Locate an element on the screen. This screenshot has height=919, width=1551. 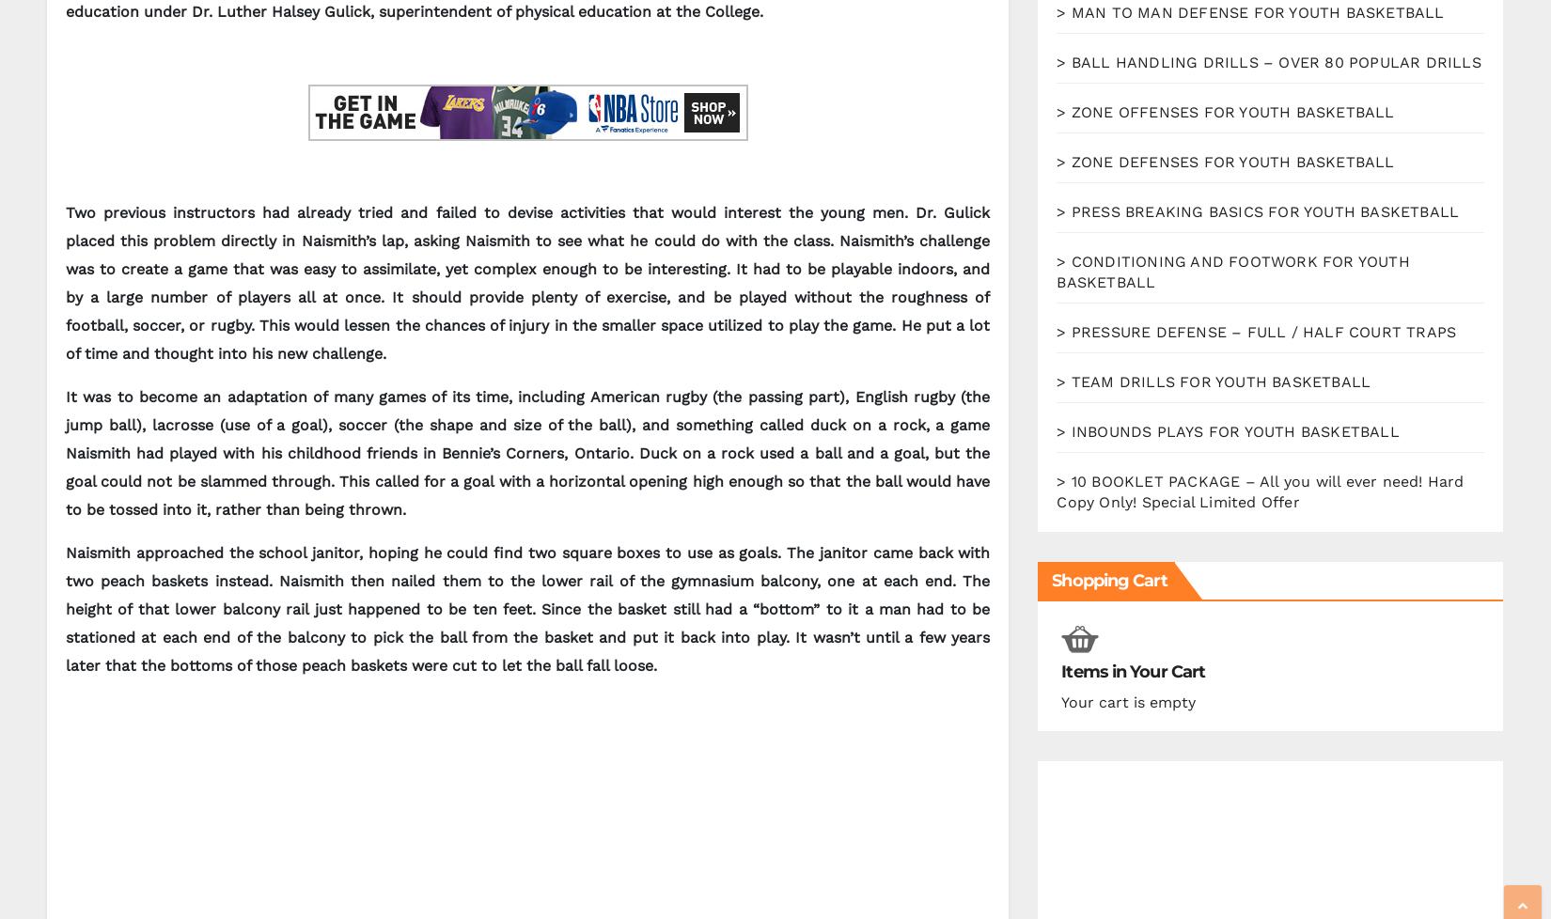
'> PRESS BREAKING BASICS FOR YOUTH BASKETBALL' is located at coordinates (1256, 211).